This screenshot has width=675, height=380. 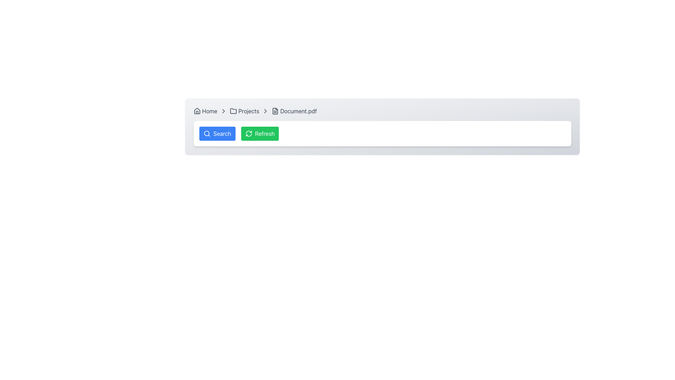 I want to click on the file icon in the breadcrumb navigation bar, which is styled in an outlined black format and represents 'Document.pdf', so click(x=275, y=111).